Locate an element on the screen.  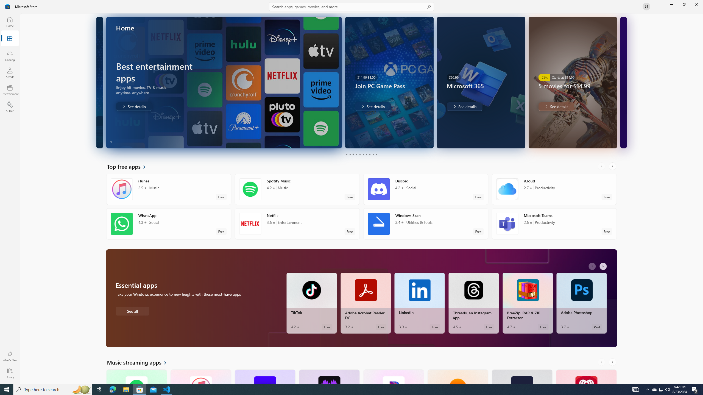
'AI Hub' is located at coordinates (9, 106).